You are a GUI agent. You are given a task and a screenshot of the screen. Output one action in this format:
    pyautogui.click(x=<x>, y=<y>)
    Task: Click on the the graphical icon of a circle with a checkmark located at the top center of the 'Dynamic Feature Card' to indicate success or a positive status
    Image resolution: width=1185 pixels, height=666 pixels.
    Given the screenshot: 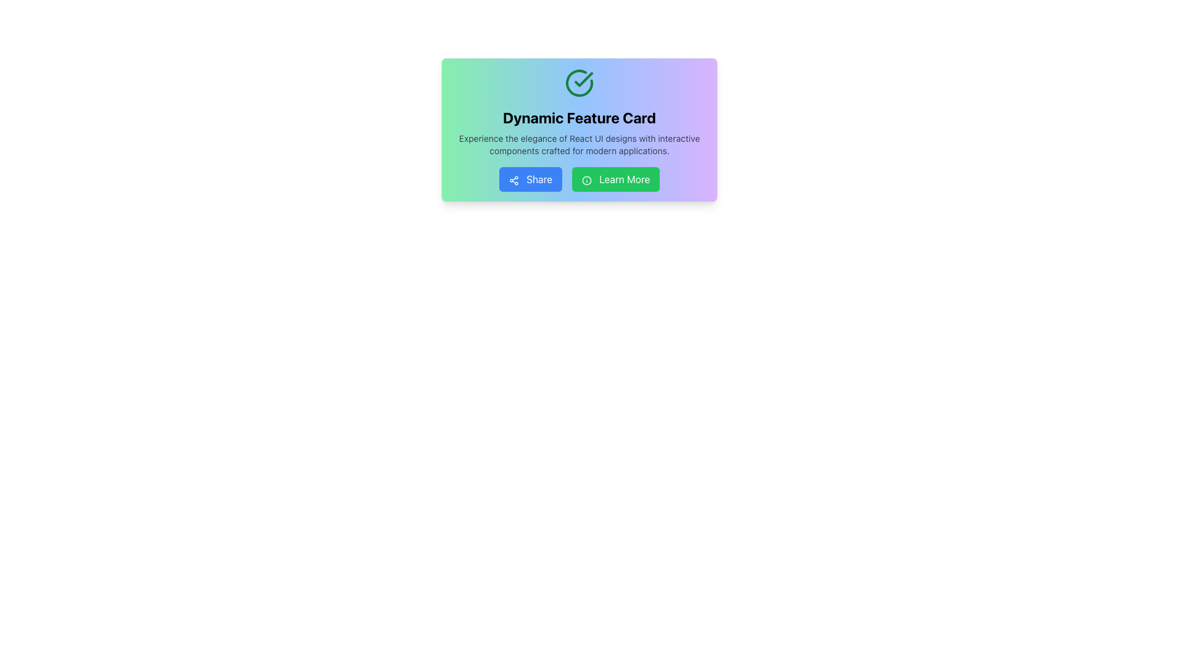 What is the action you would take?
    pyautogui.click(x=579, y=83)
    